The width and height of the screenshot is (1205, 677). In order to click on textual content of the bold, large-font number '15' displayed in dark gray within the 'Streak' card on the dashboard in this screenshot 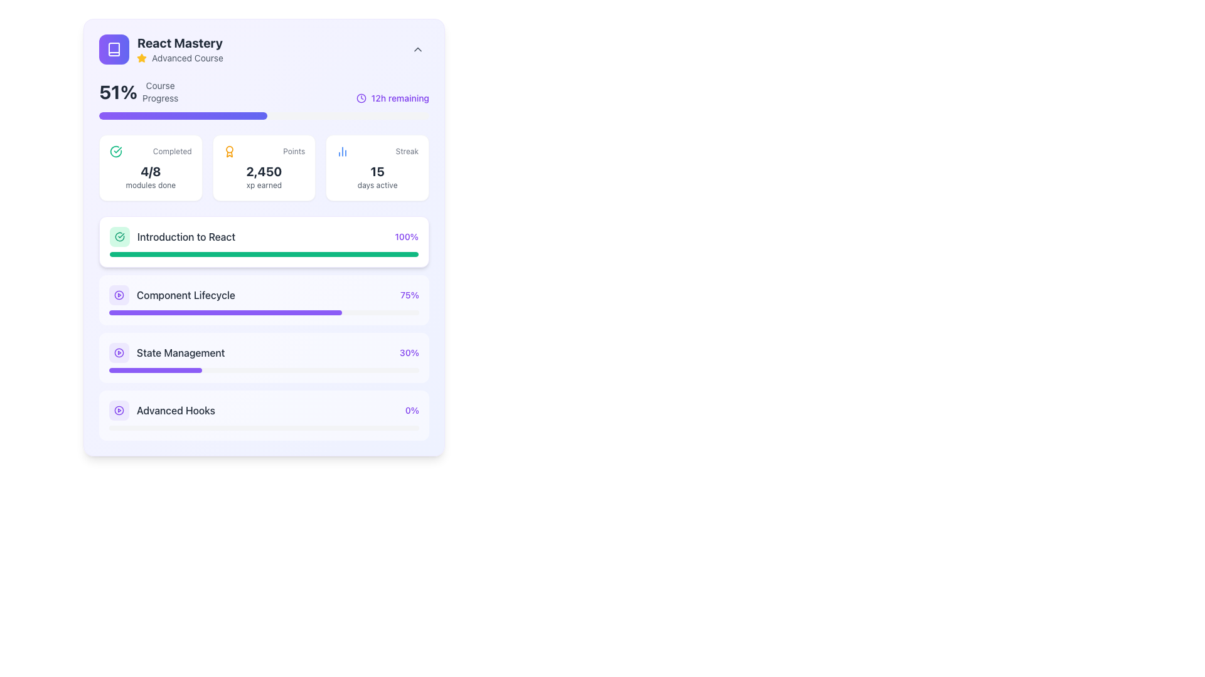, I will do `click(377, 171)`.